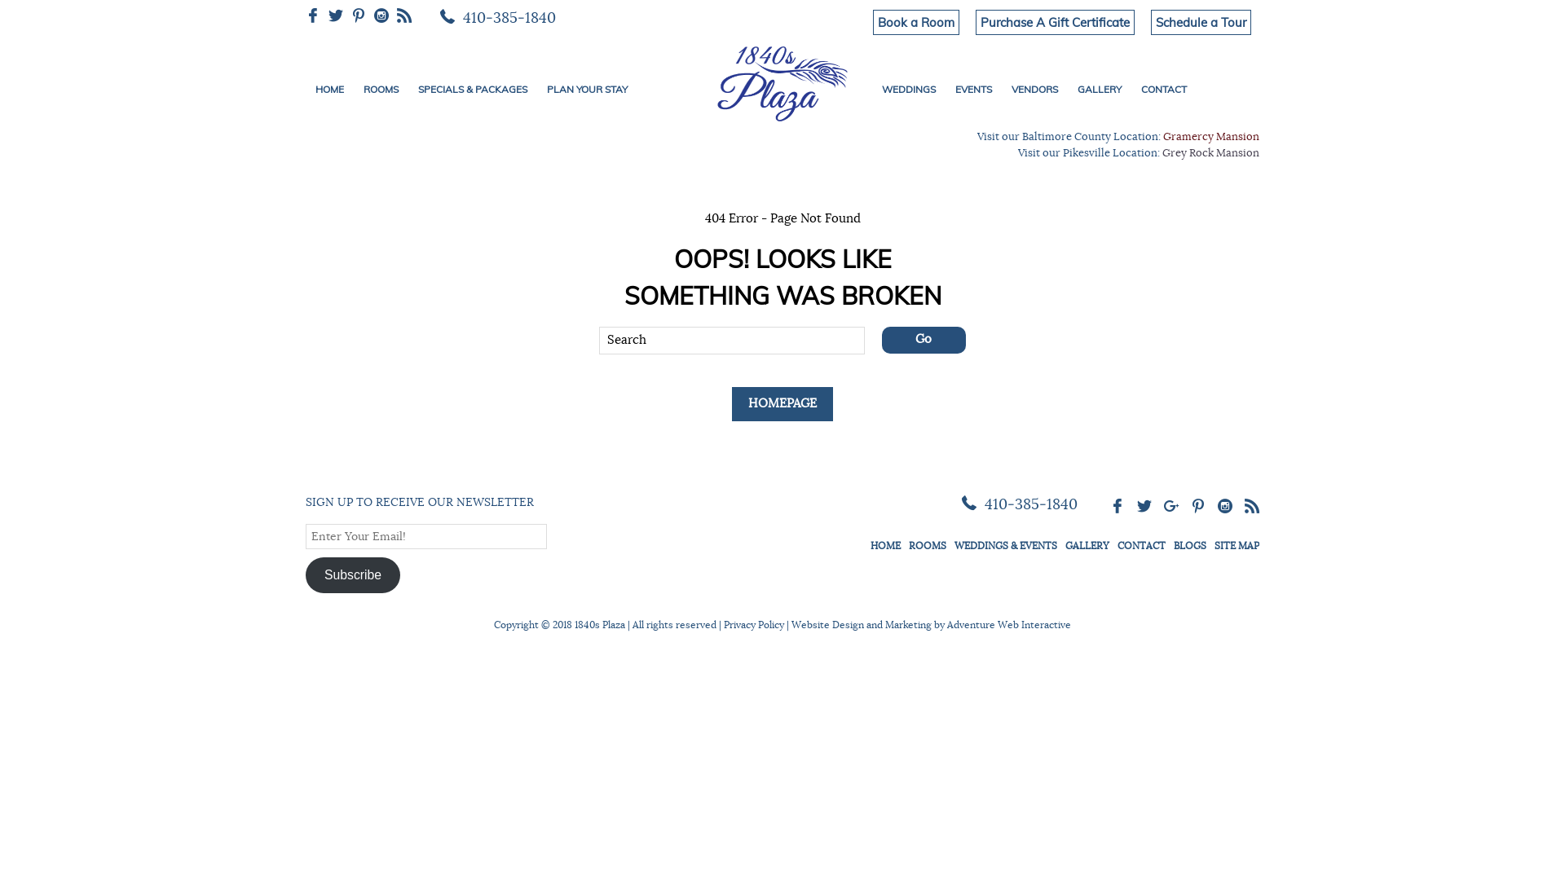  I want to click on 'Schedule a Tour', so click(1201, 22).